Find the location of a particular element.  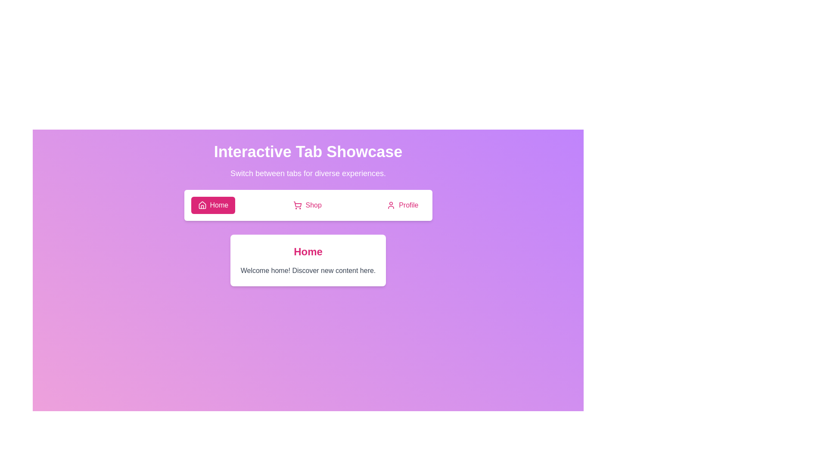

the Profile tab to switch to it is located at coordinates (402, 205).